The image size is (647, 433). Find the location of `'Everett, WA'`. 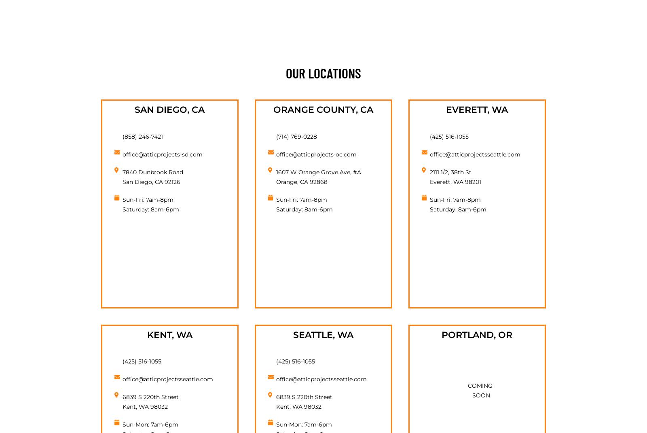

'Everett, WA' is located at coordinates (477, 110).